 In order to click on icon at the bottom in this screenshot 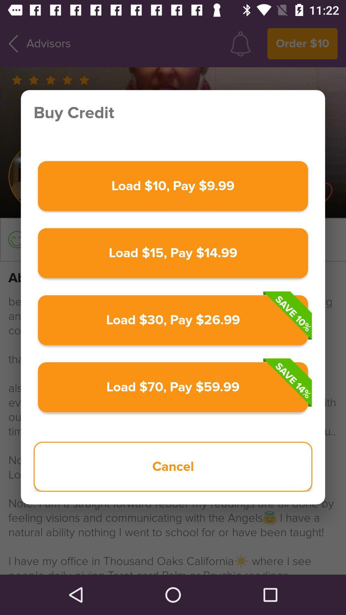, I will do `click(173, 467)`.